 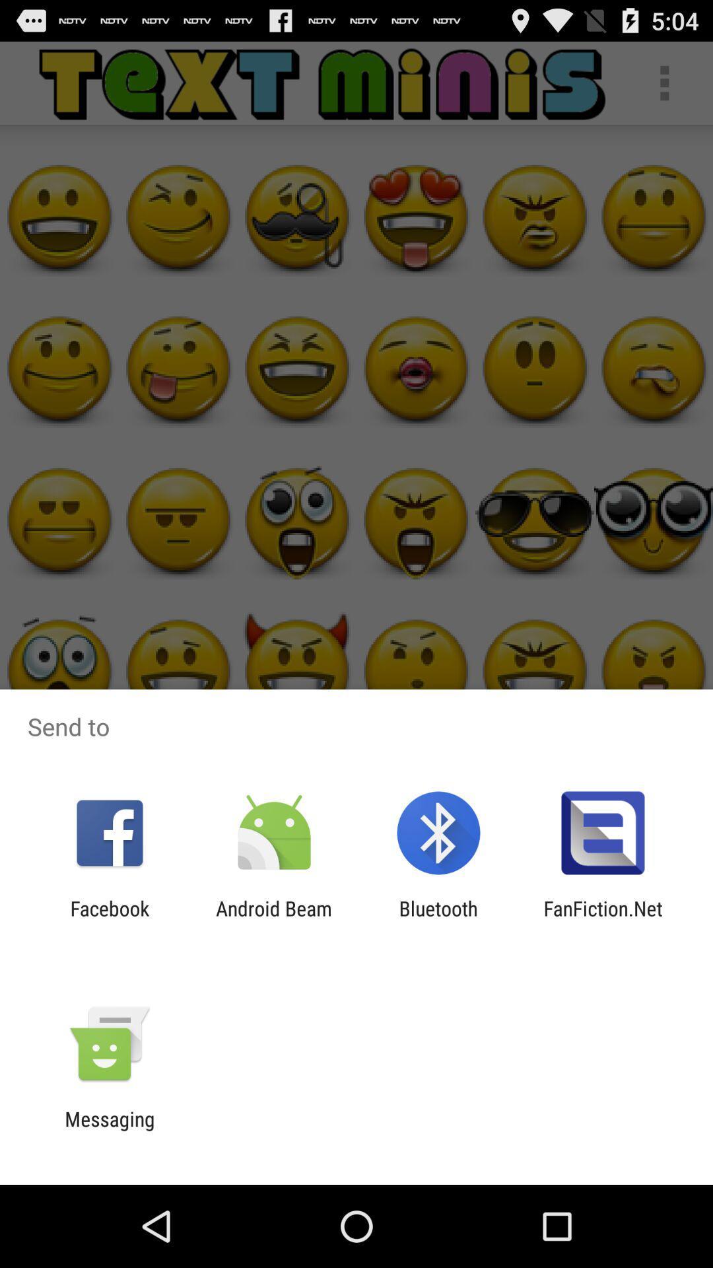 What do you see at coordinates (438, 919) in the screenshot?
I see `the bluetooth` at bounding box center [438, 919].